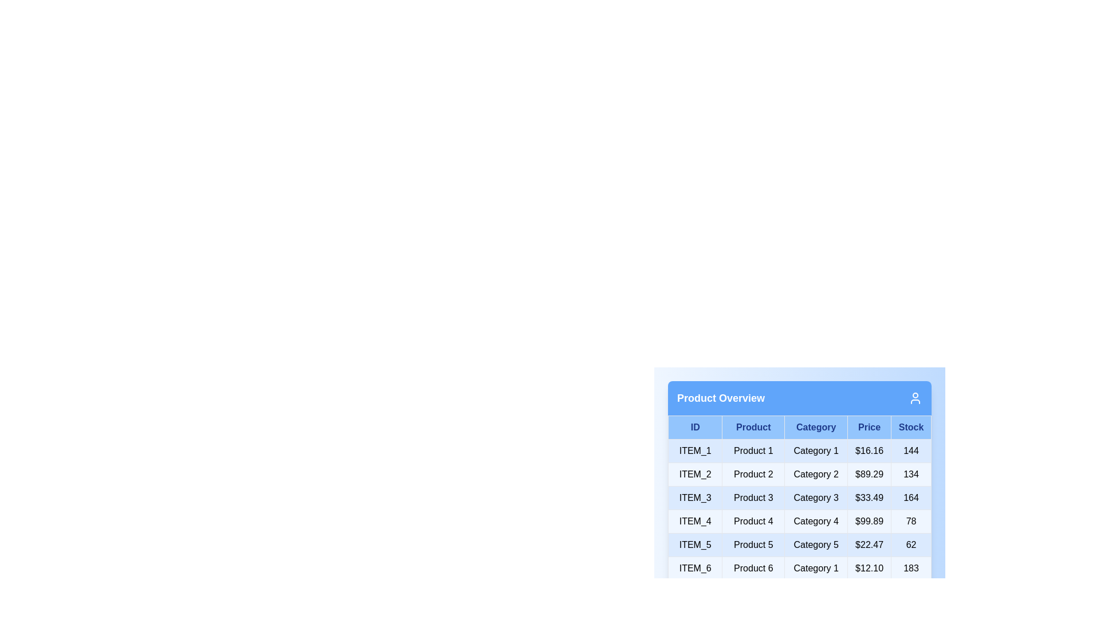  I want to click on the user icon in the header, so click(915, 397).